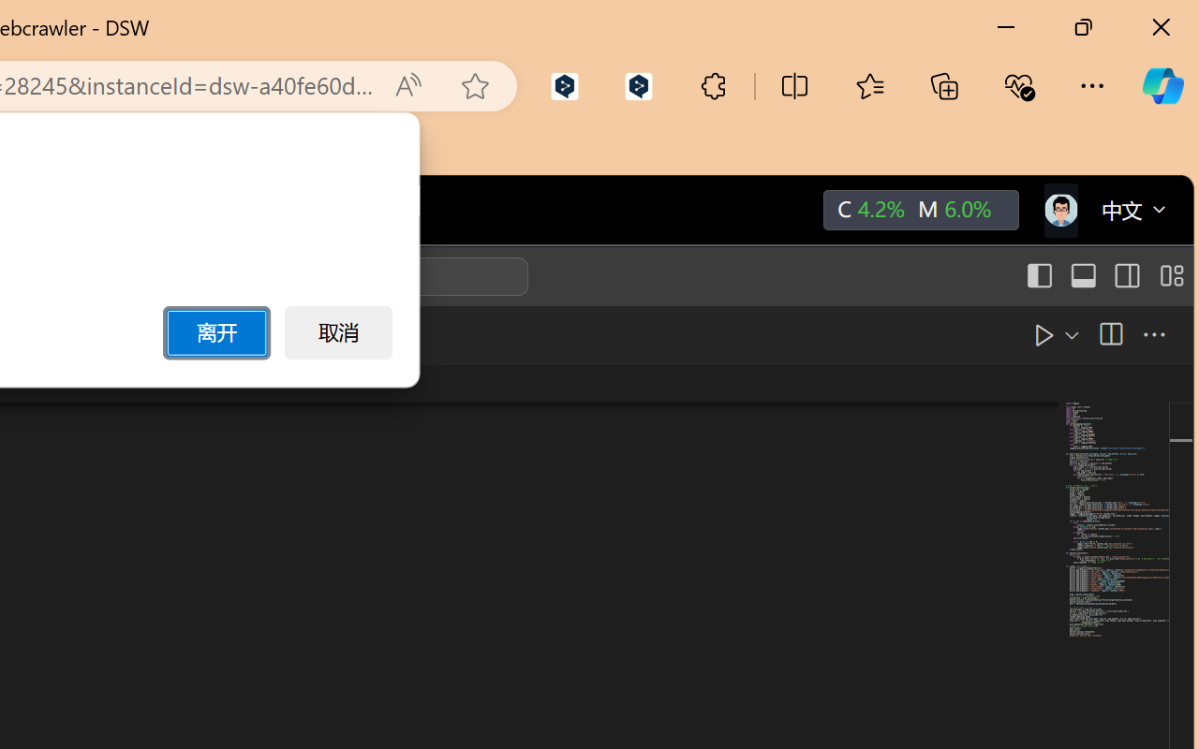 Image resolution: width=1199 pixels, height=749 pixels. Describe the element at coordinates (1059, 211) in the screenshot. I see `'Class: next-menu next-hoz widgets--iconMenu--BFkiHRM'` at that location.